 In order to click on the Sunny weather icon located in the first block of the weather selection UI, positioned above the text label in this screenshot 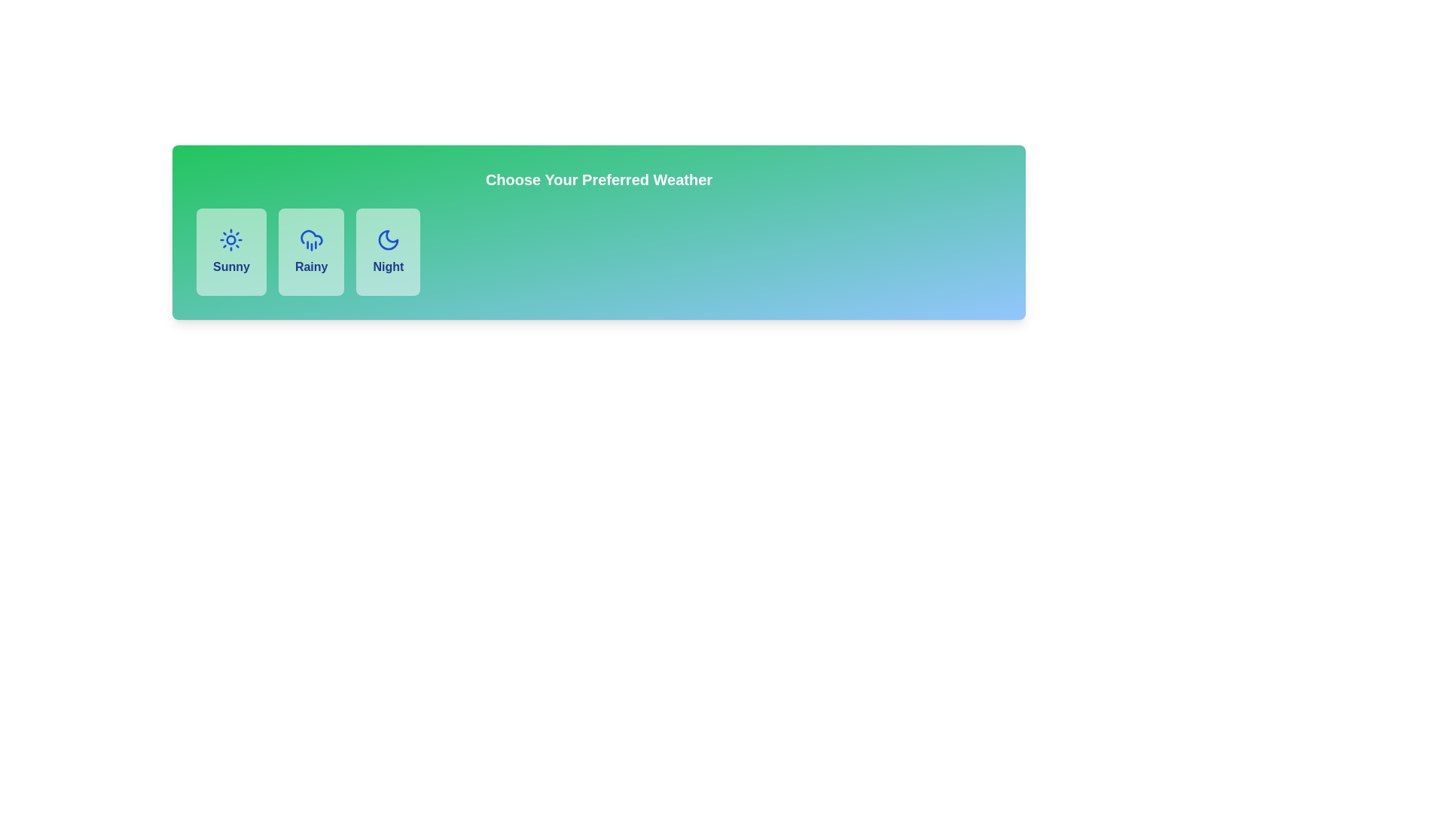, I will do `click(230, 239)`.